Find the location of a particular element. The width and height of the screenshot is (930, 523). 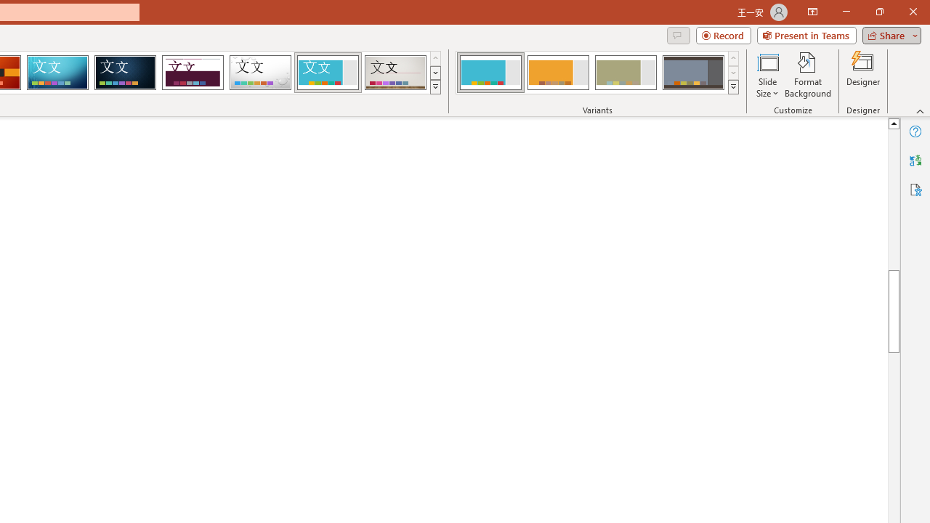

'Slide Size' is located at coordinates (767, 75).